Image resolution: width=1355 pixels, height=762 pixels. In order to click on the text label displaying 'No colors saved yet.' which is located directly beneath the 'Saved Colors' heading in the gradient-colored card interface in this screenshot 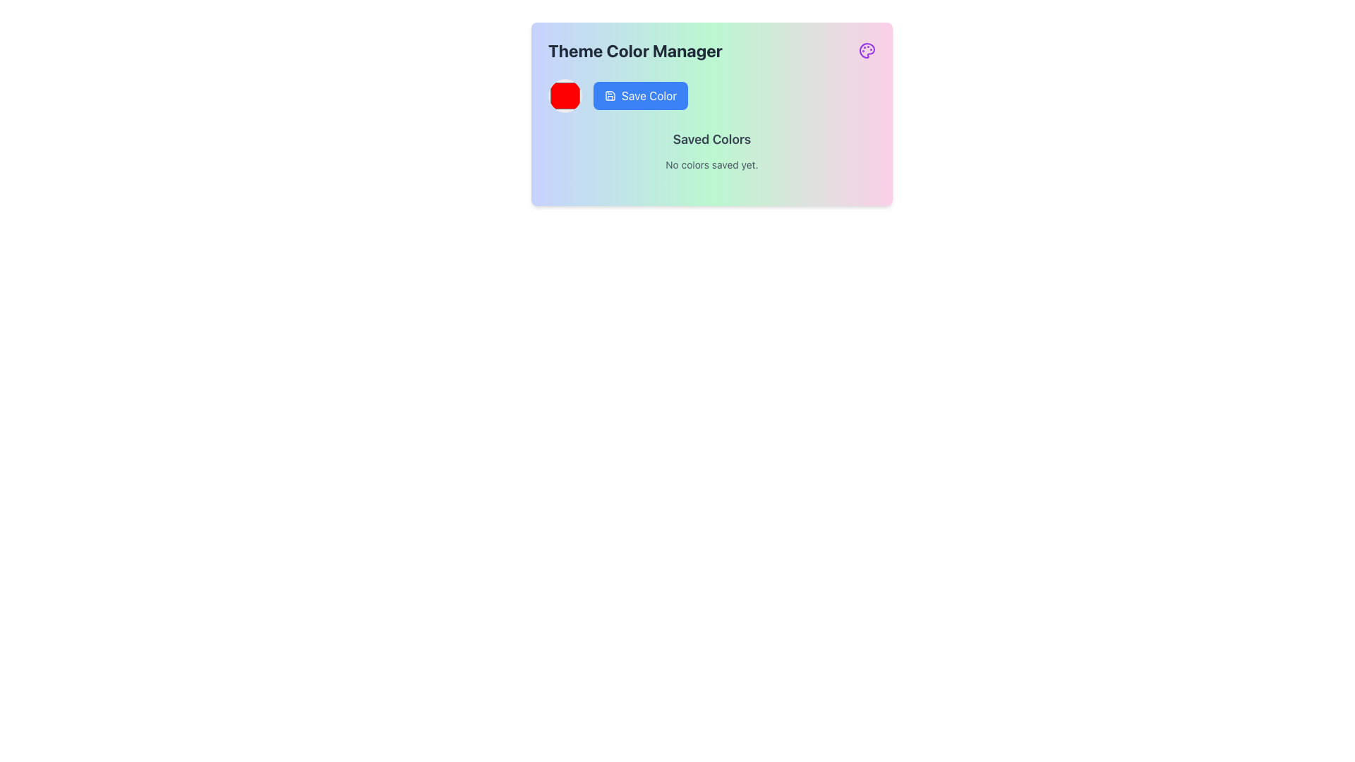, I will do `click(711, 164)`.